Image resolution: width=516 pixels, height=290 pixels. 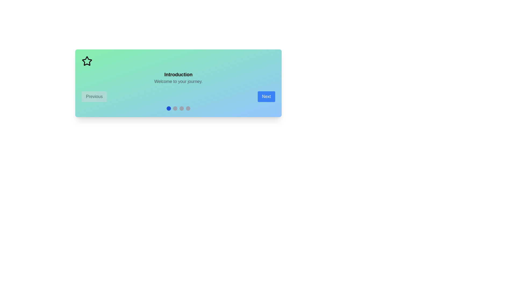 What do you see at coordinates (175, 108) in the screenshot?
I see `the indicator corresponding to the scene number 2` at bounding box center [175, 108].